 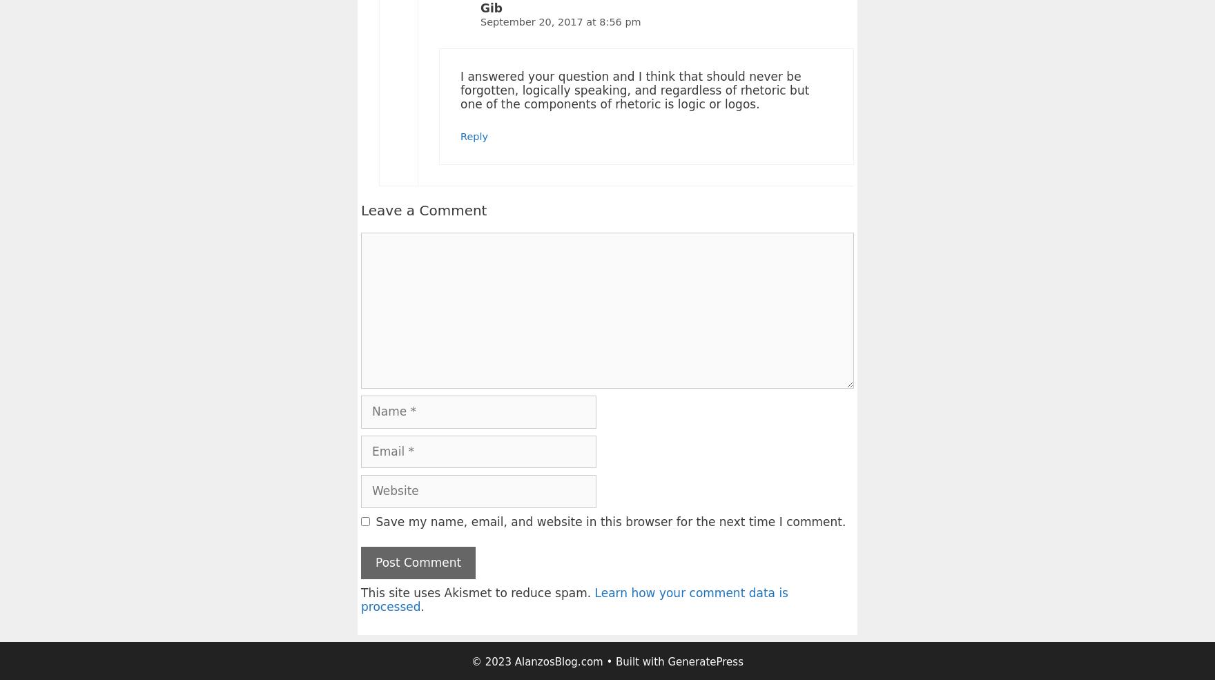 What do you see at coordinates (477, 592) in the screenshot?
I see `'This site uses Akismet to reduce spam.'` at bounding box center [477, 592].